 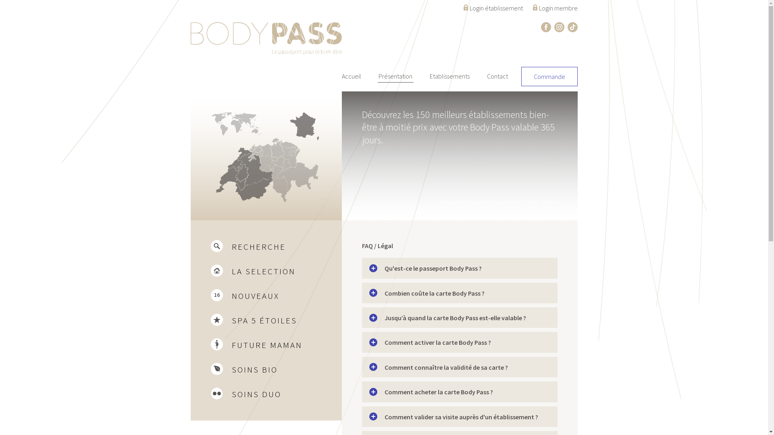 What do you see at coordinates (383, 155) in the screenshot?
I see `'Lenkerhof Gourmet Spa Resort, Lenk - Berne'` at bounding box center [383, 155].